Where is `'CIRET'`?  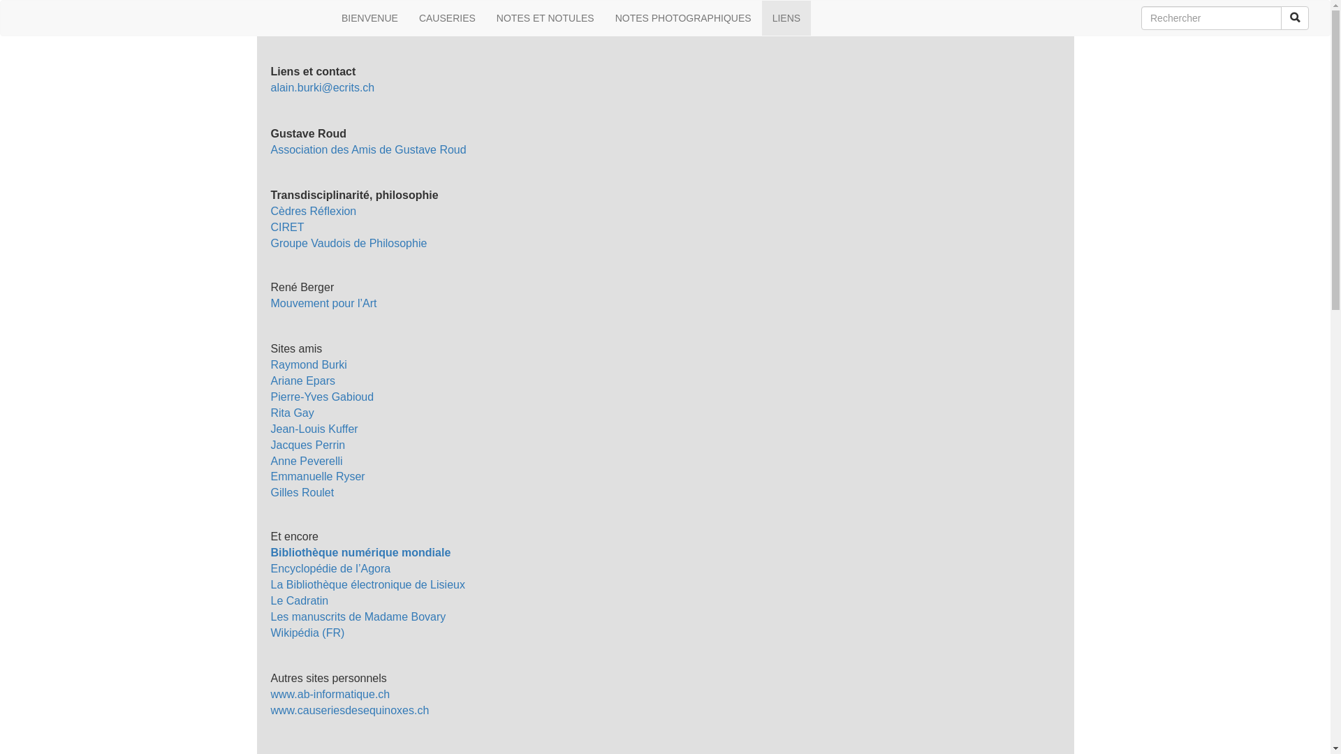
'CIRET' is located at coordinates (271, 226).